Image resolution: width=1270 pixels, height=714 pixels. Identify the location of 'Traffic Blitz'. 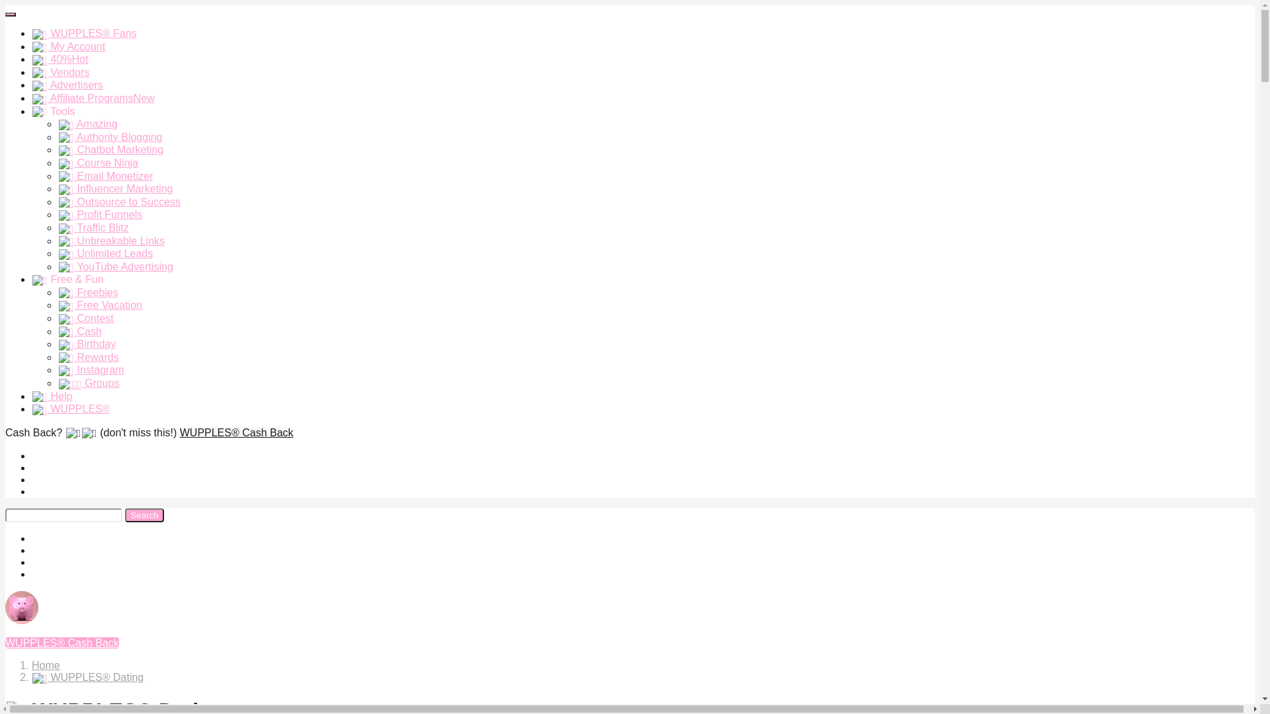
(57, 227).